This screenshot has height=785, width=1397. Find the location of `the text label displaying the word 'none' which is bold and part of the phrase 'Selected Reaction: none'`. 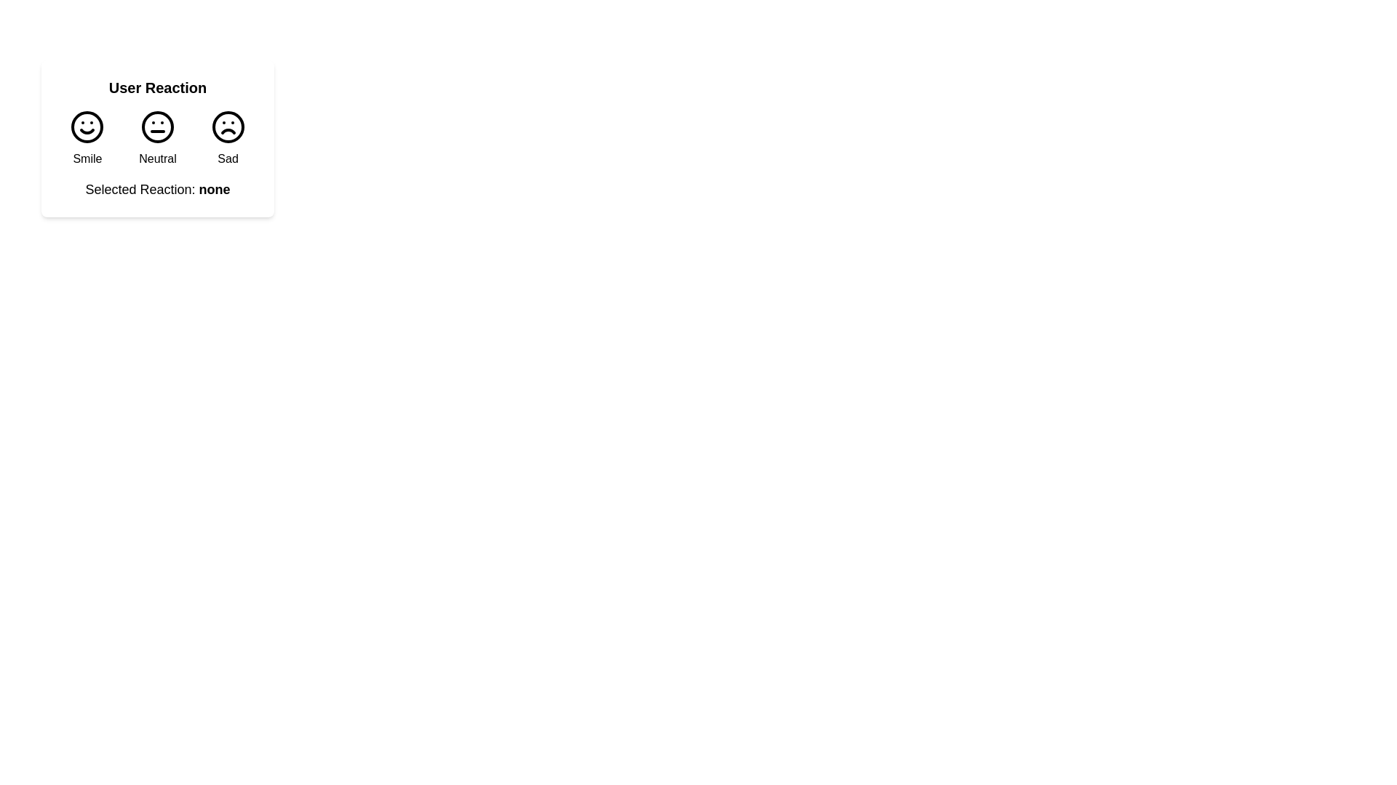

the text label displaying the word 'none' which is bold and part of the phrase 'Selected Reaction: none' is located at coordinates (214, 189).